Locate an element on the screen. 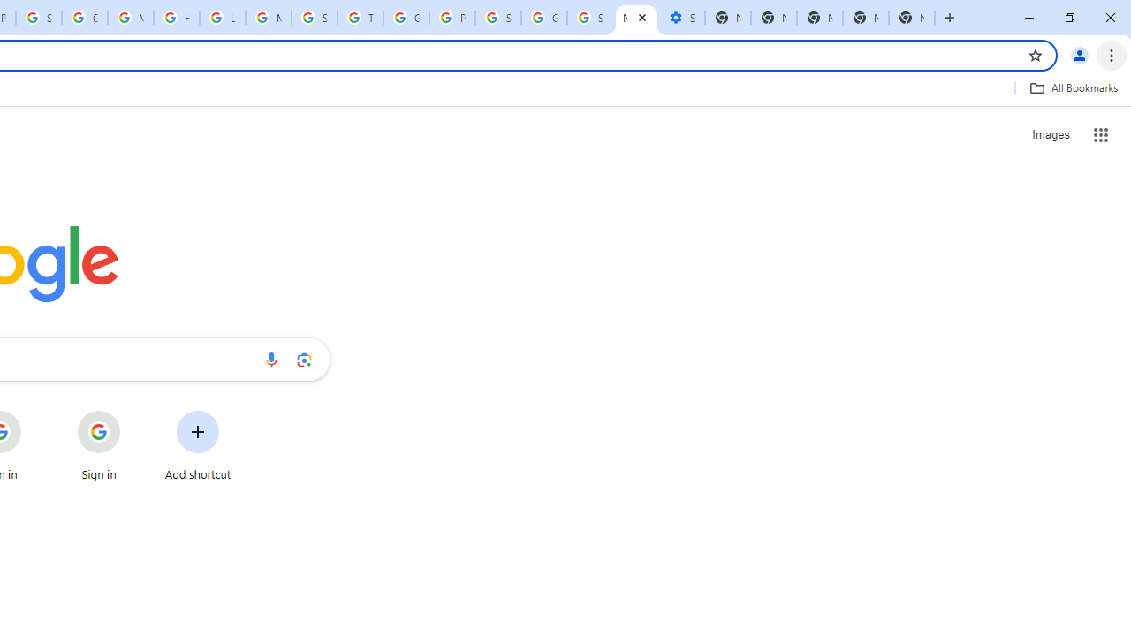 The image size is (1131, 636). 'Add shortcut' is located at coordinates (198, 445).